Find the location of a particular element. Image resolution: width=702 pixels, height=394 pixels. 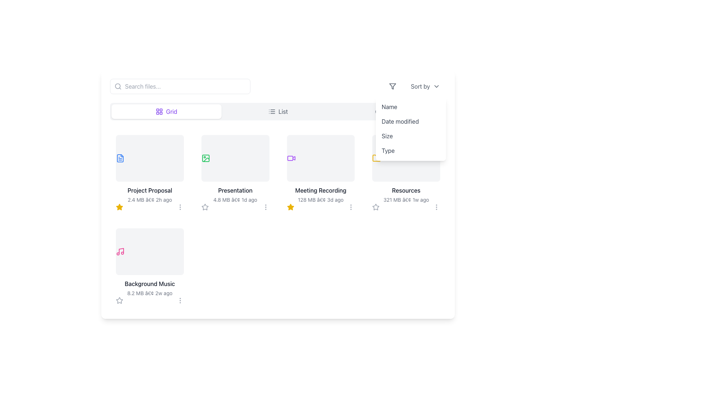

the dropdown menu icon located within the 'Sort by' button in the top-right section of the interface is located at coordinates (437, 86).